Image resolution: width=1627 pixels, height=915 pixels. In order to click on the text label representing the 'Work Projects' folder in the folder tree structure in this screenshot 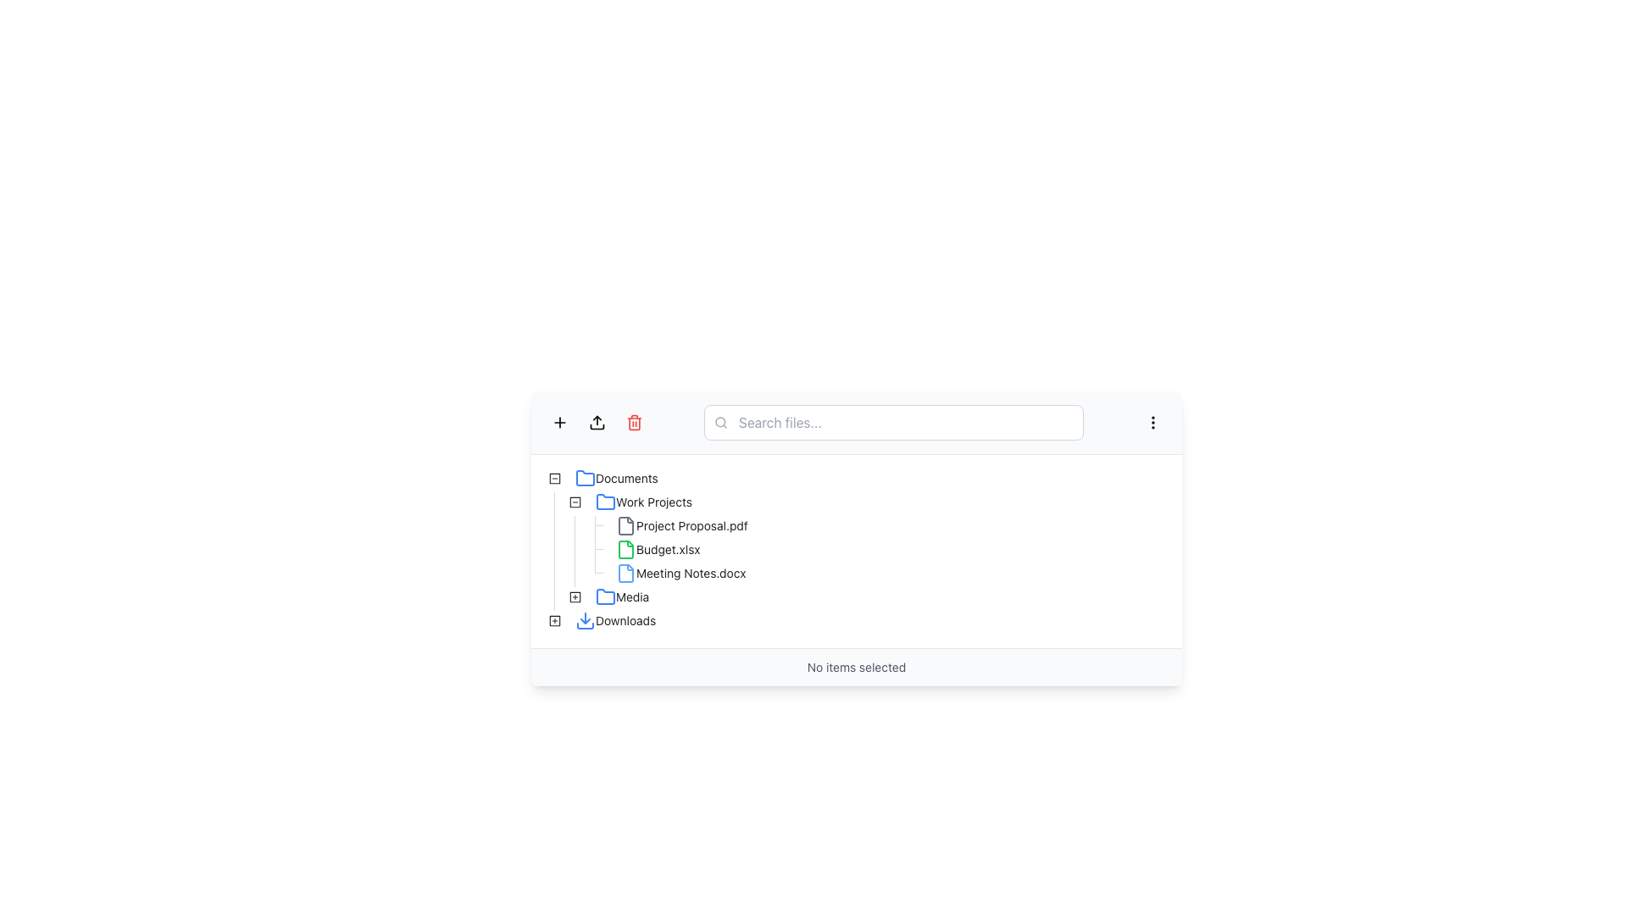, I will do `click(653, 501)`.